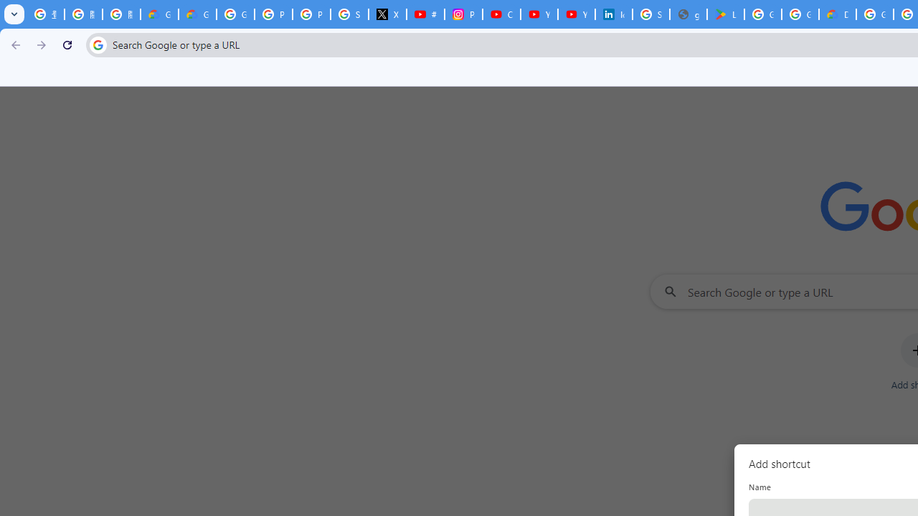 This screenshot has height=516, width=918. I want to click on 'Google Workspace - Specific Terms', so click(800, 14).